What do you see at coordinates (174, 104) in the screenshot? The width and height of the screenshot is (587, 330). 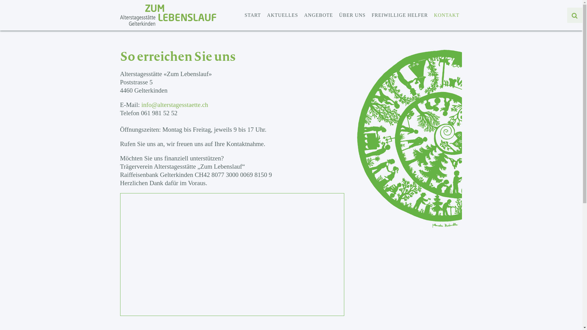 I see `'info@alterstagesstaette.ch'` at bounding box center [174, 104].